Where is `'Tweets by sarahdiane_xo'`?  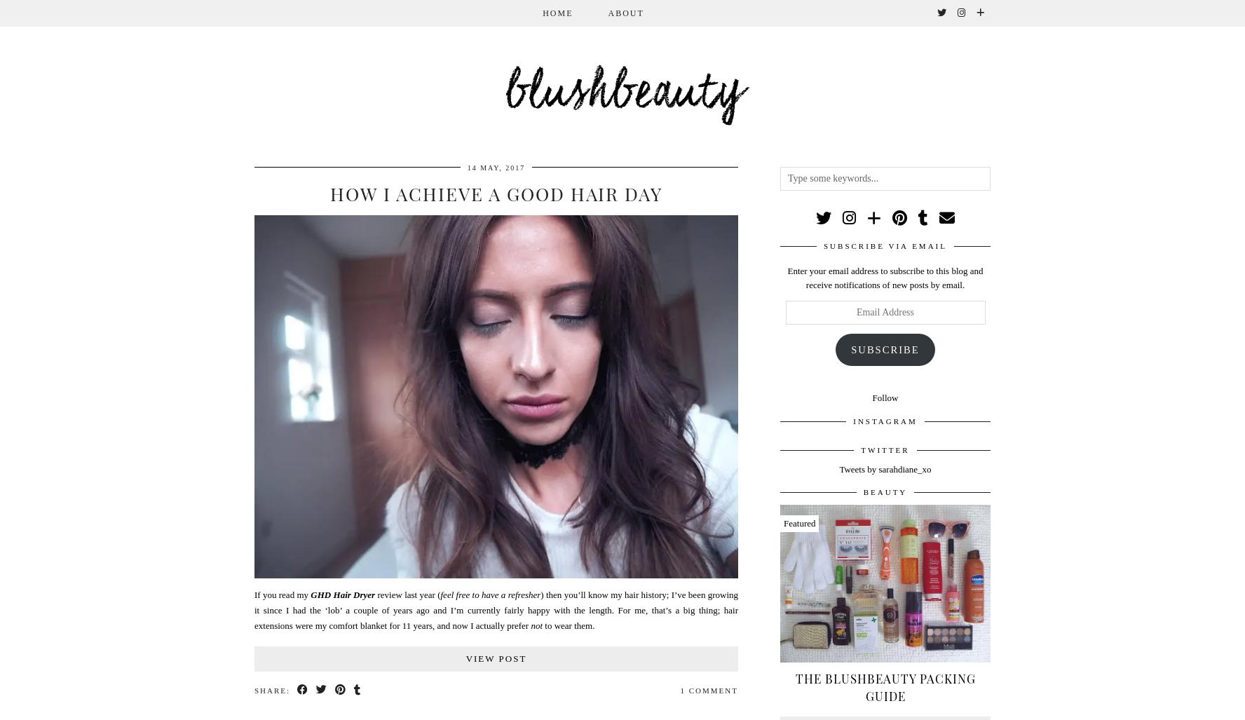
'Tweets by sarahdiane_xo' is located at coordinates (838, 468).